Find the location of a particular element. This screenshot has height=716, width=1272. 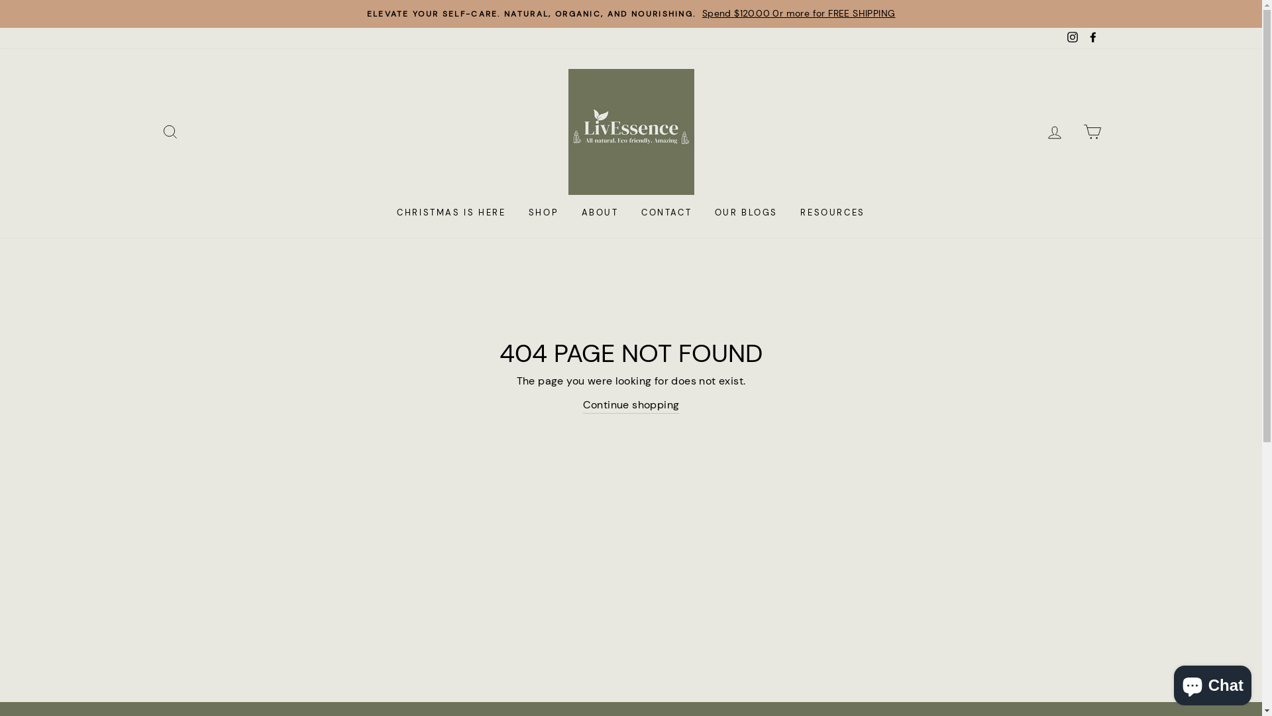

'CART' is located at coordinates (1075, 131).